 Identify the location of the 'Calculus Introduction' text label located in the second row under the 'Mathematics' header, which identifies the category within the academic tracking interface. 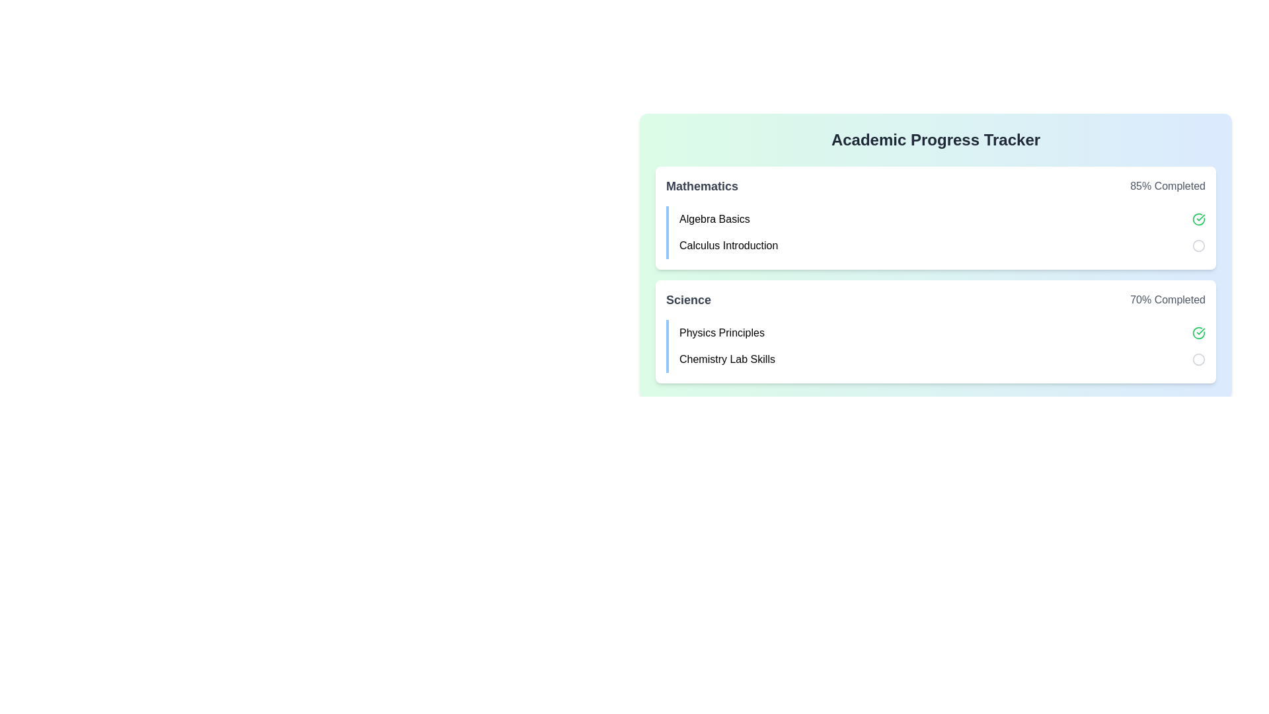
(728, 245).